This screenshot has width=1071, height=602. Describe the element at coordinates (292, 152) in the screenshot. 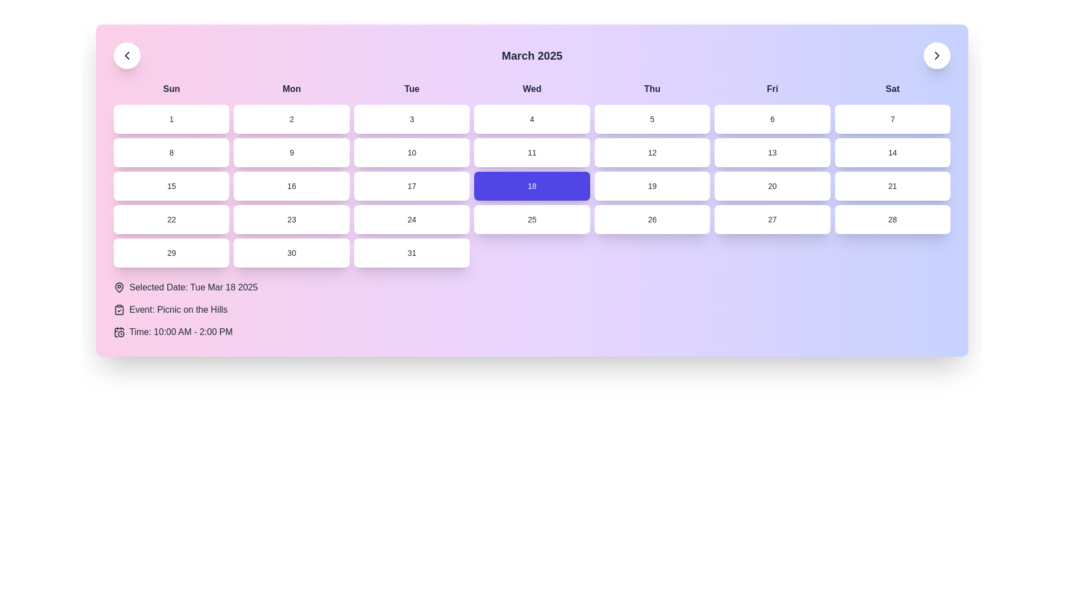

I see `the interactive calendar day button representing the 9th of the month, located in the second row of the calendar grid` at that location.